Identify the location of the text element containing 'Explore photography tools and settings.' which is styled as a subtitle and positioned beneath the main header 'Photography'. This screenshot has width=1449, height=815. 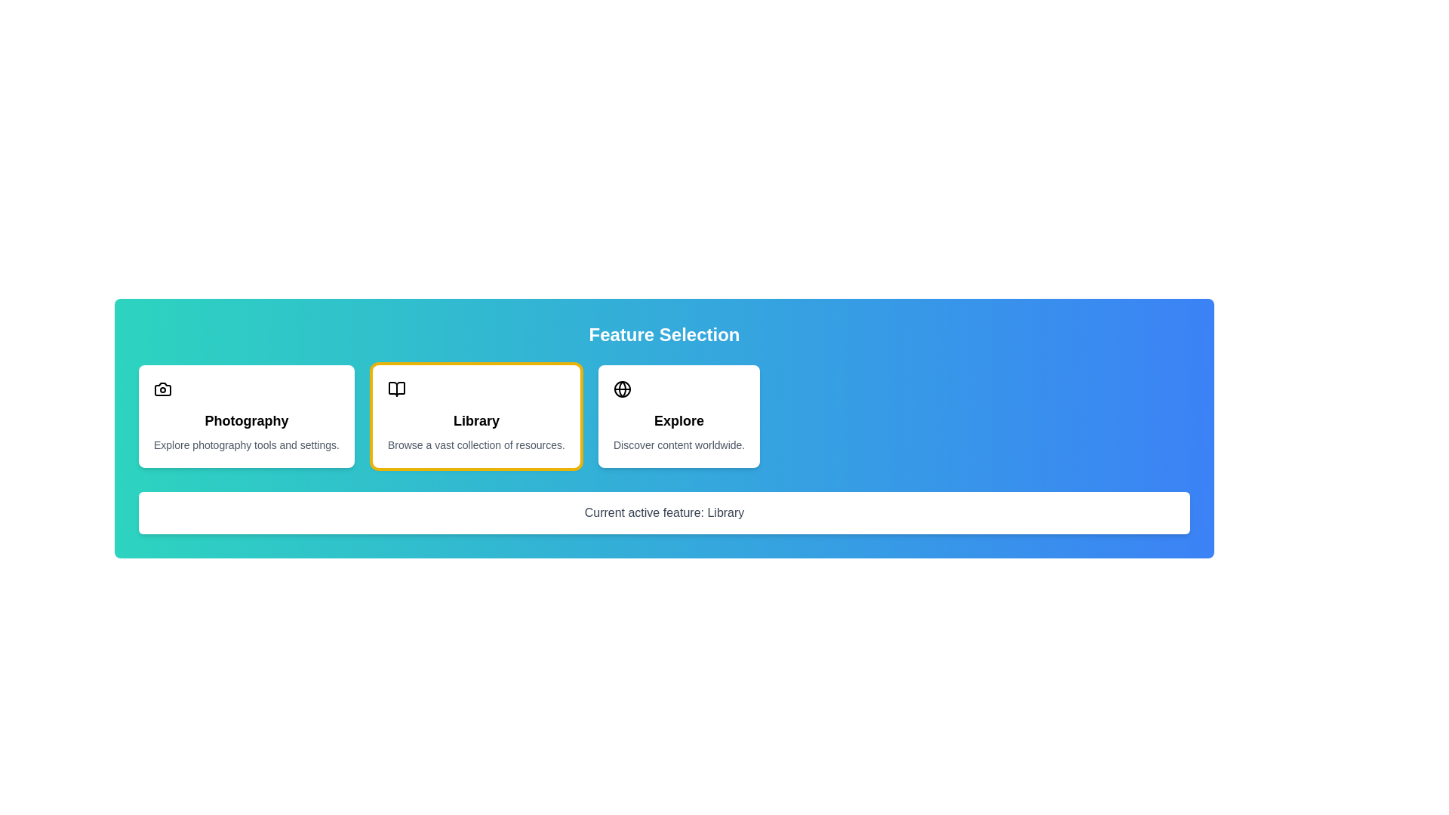
(246, 444).